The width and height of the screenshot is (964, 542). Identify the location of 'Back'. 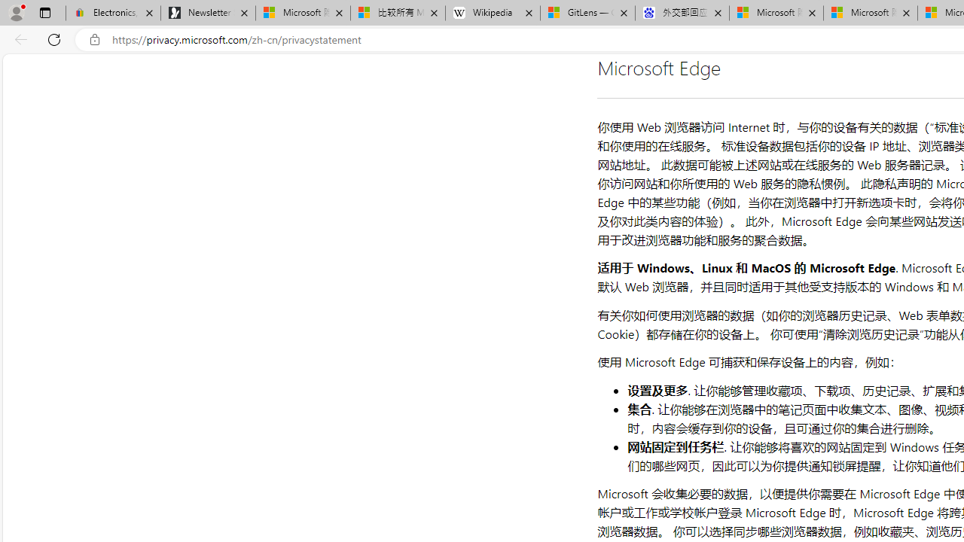
(18, 38).